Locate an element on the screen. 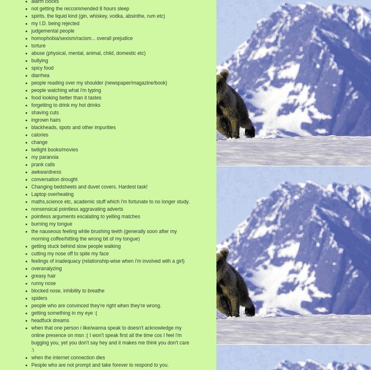 This screenshot has height=370, width=371. 'blocked nose, inhibility to breathe' is located at coordinates (31, 291).